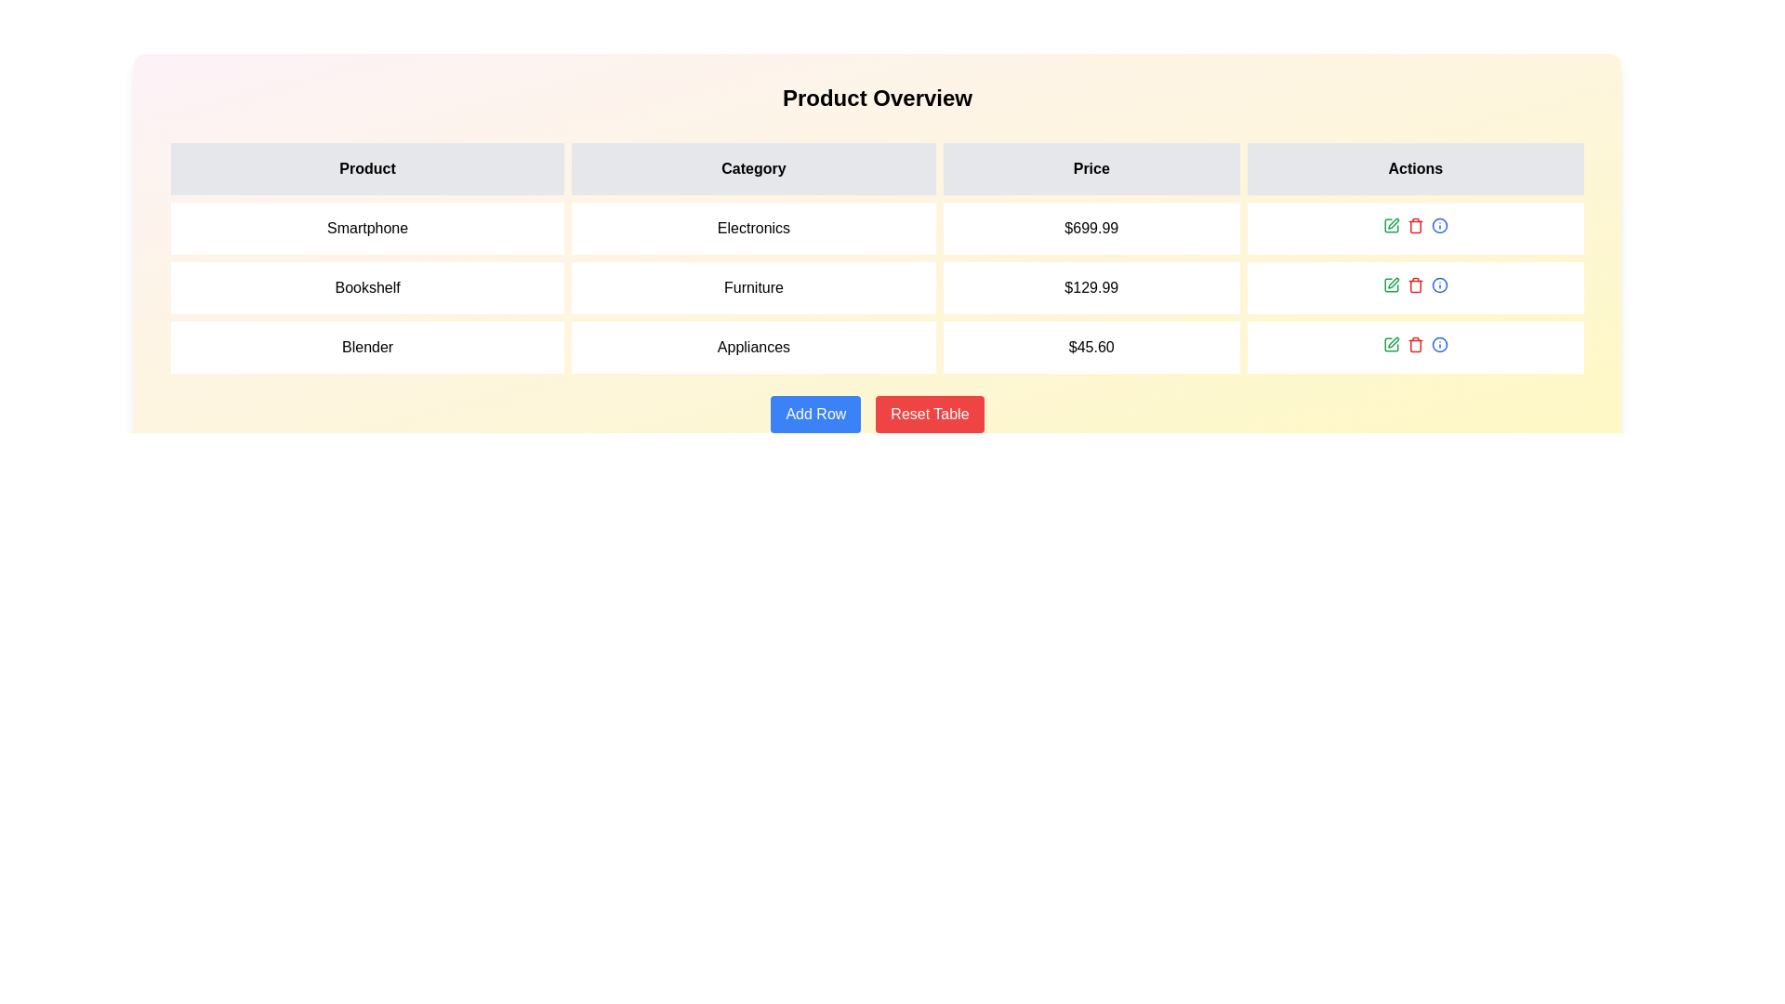 The width and height of the screenshot is (1785, 1004). I want to click on the circular blue information button featuring a lowercase 'i' in the center, located in the last column of the last row in the Actions table section, so click(1438, 225).